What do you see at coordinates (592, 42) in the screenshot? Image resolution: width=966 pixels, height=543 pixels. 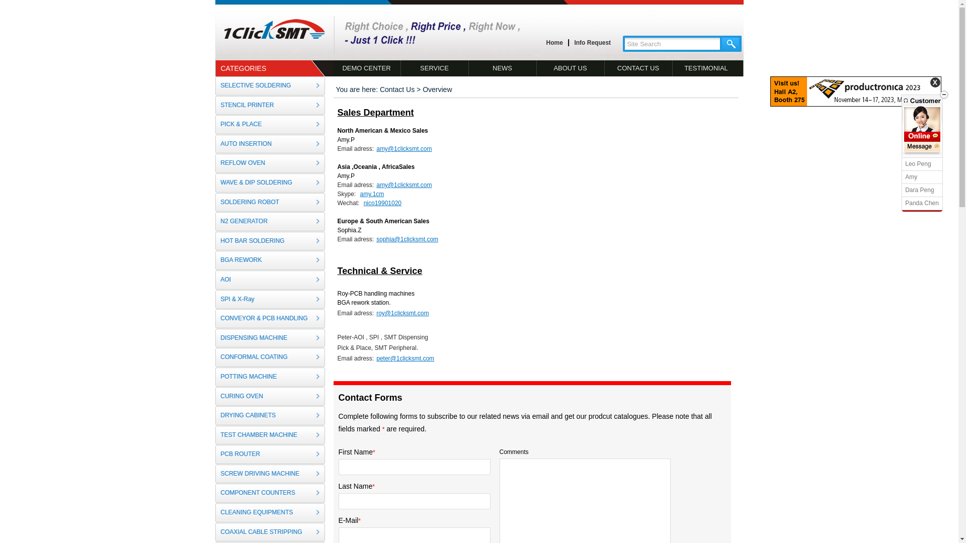 I see `'Info Request'` at bounding box center [592, 42].